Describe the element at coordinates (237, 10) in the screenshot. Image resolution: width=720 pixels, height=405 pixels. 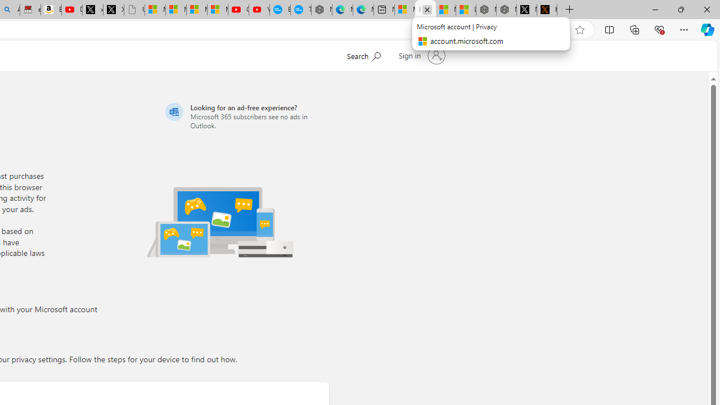
I see `'Gloom - YouTube'` at that location.